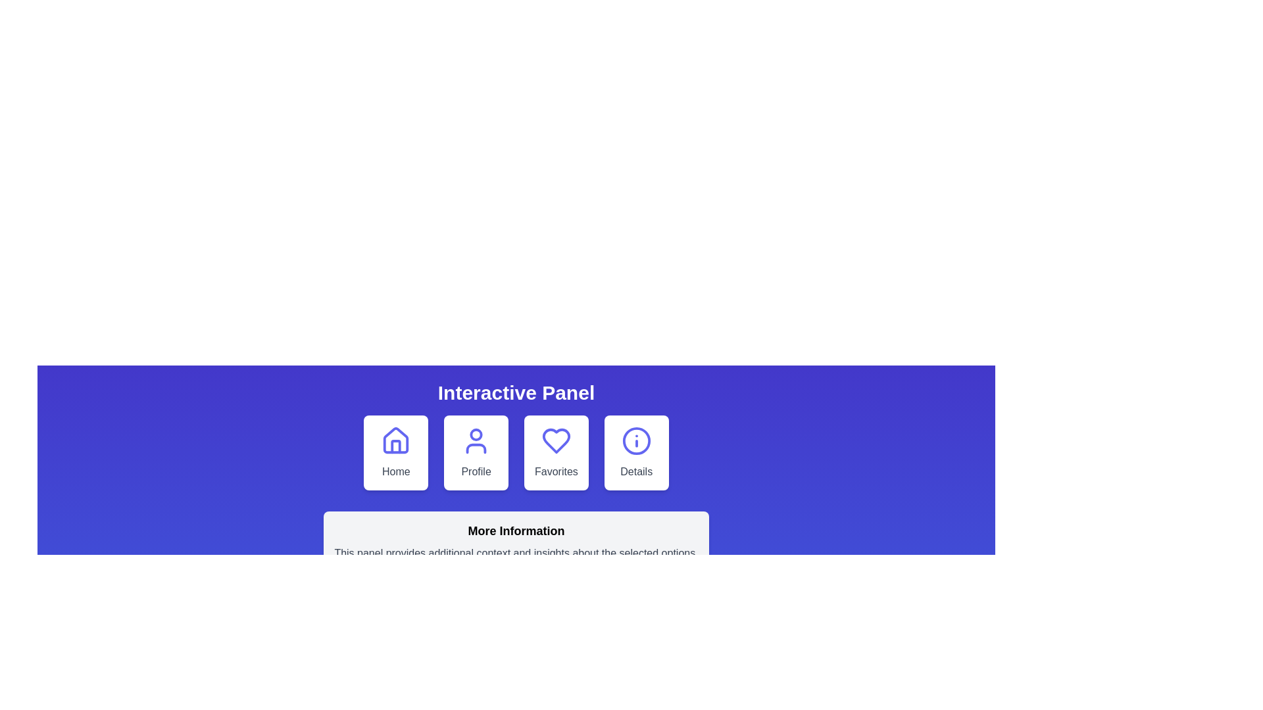 The width and height of the screenshot is (1263, 710). I want to click on text displayed in the 'Interactive Panel' component, which is bold and large, centrally positioned above the buttons, so click(515, 392).